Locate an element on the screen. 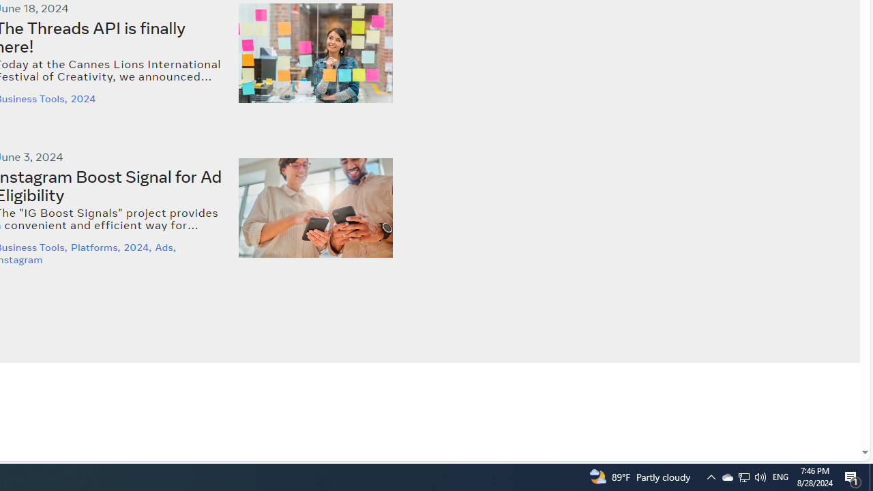  '2024' is located at coordinates (84, 98).